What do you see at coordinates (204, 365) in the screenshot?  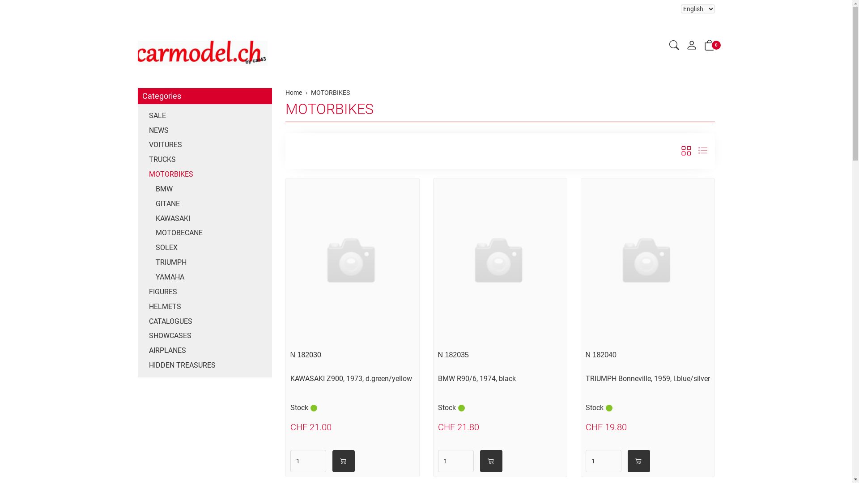 I see `'HIDDEN TREASURES'` at bounding box center [204, 365].